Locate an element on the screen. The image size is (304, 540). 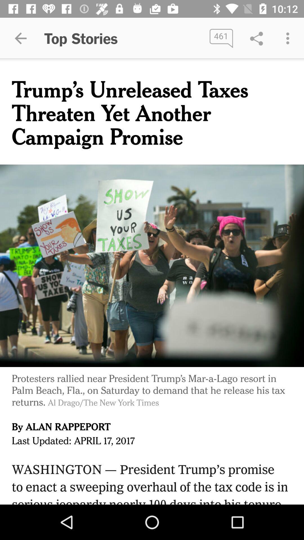
the shar icon at the top right corner is located at coordinates (256, 38).